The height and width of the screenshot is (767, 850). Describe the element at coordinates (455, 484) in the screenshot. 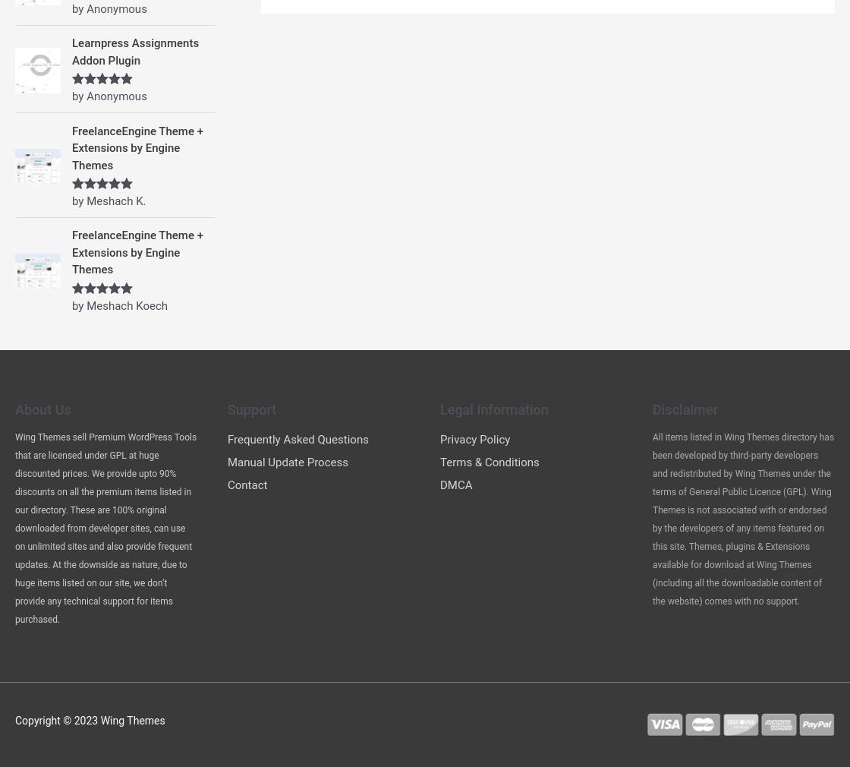

I see `'DMCA'` at that location.